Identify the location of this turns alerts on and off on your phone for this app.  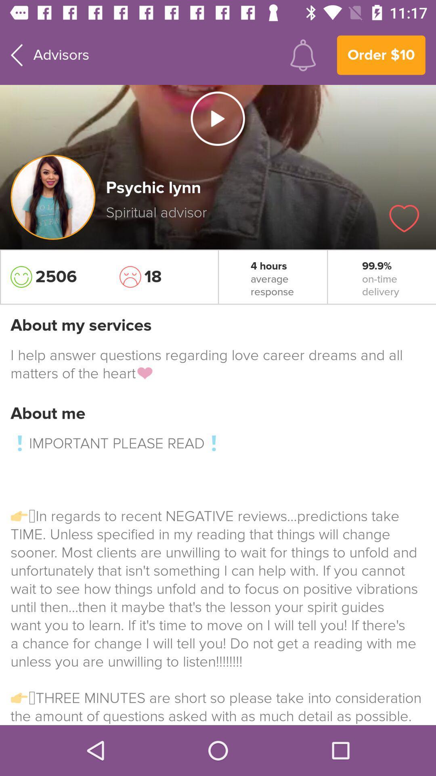
(303, 55).